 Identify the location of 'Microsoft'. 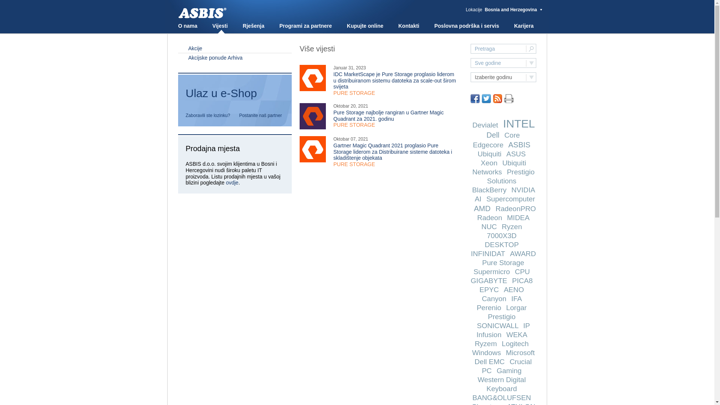
(520, 352).